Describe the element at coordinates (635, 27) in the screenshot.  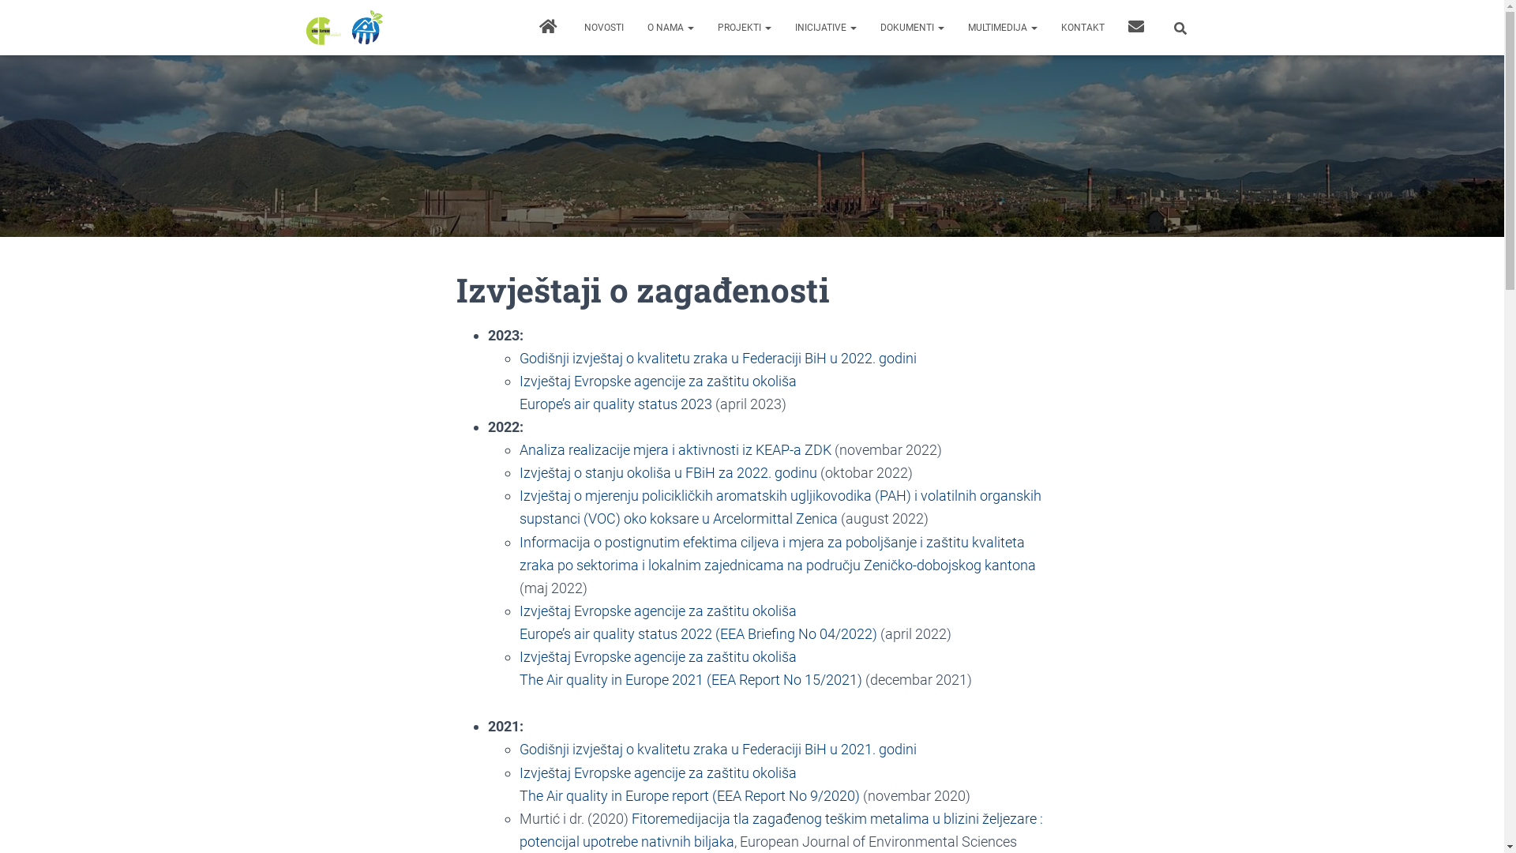
I see `'O NAMA'` at that location.